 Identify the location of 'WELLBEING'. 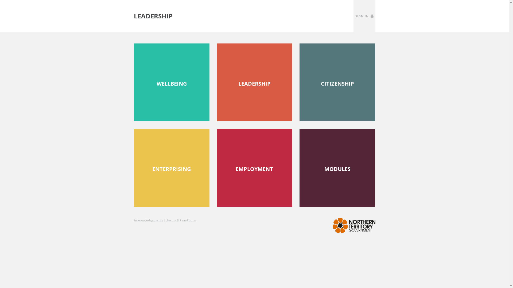
(171, 82).